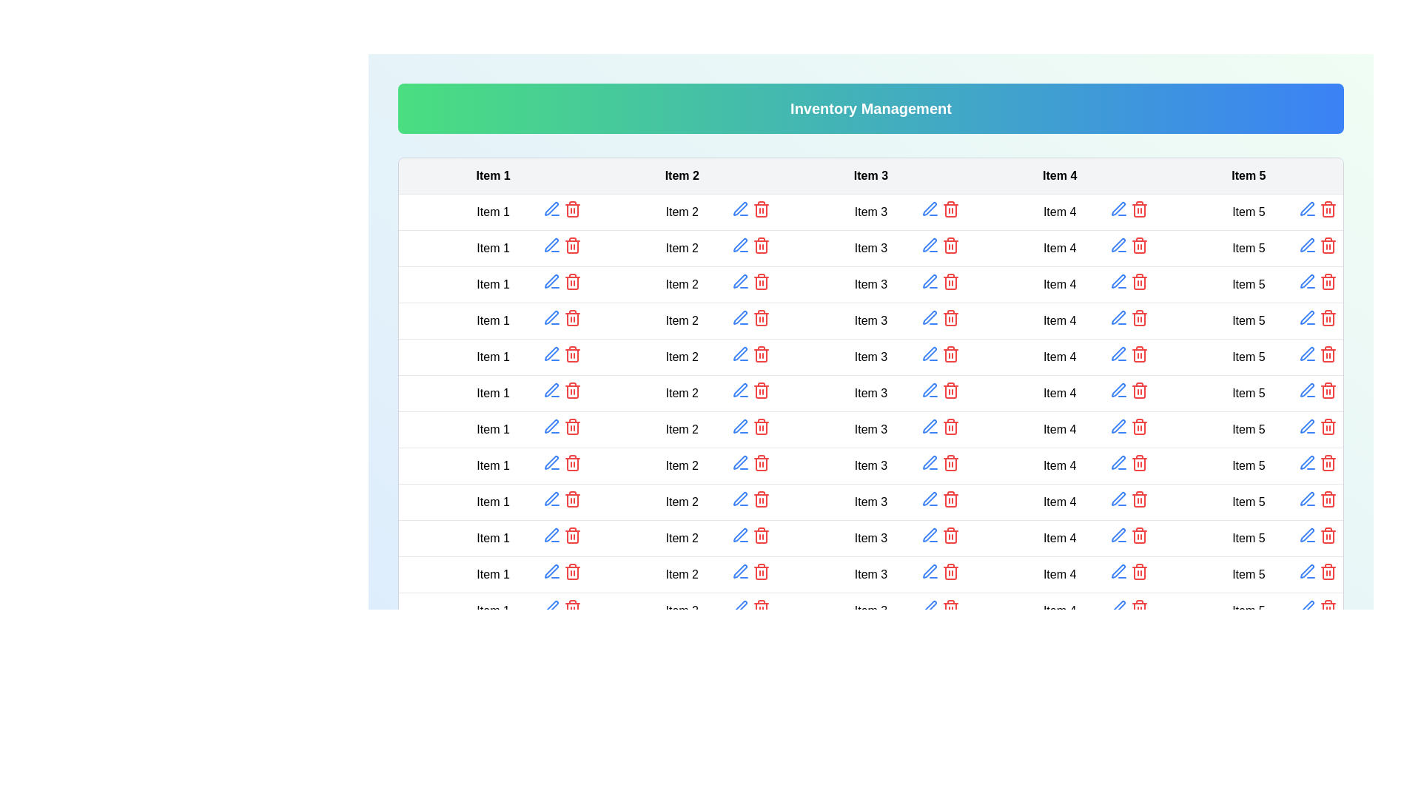 The height and width of the screenshot is (799, 1421). I want to click on the table header to sort the column by Item 3, so click(870, 175).